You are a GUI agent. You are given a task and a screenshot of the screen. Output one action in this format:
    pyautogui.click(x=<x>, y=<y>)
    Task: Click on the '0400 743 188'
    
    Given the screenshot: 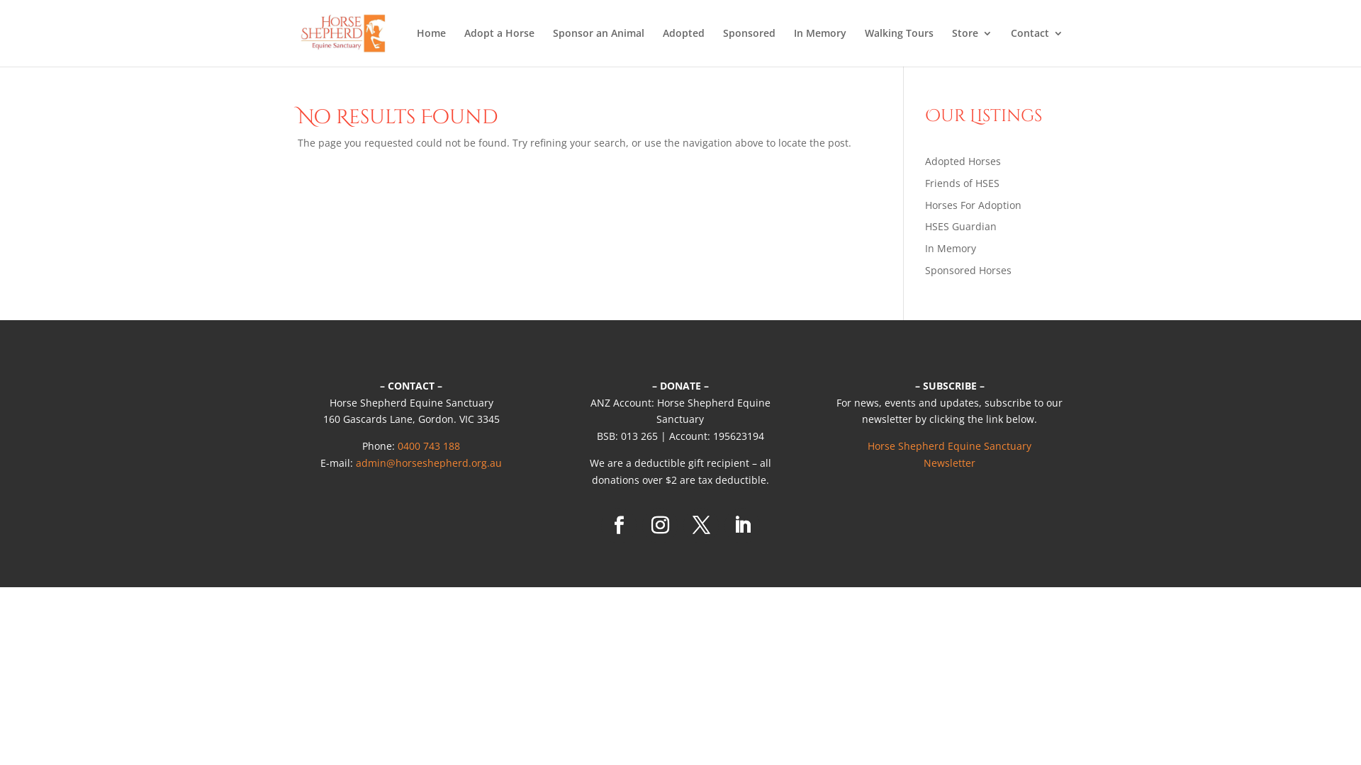 What is the action you would take?
    pyautogui.click(x=427, y=445)
    